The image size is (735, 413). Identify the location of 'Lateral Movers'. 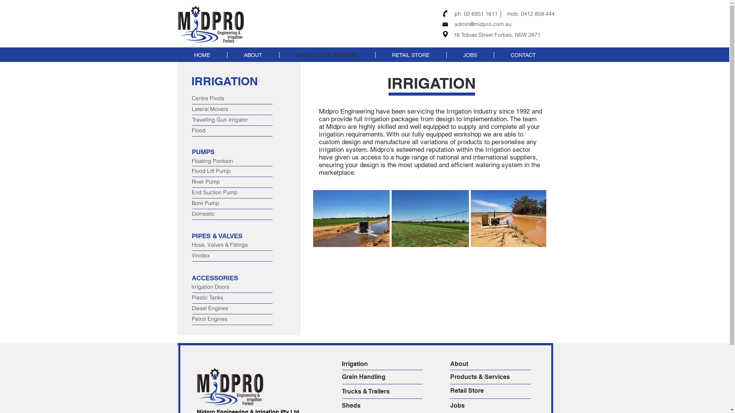
(218, 109).